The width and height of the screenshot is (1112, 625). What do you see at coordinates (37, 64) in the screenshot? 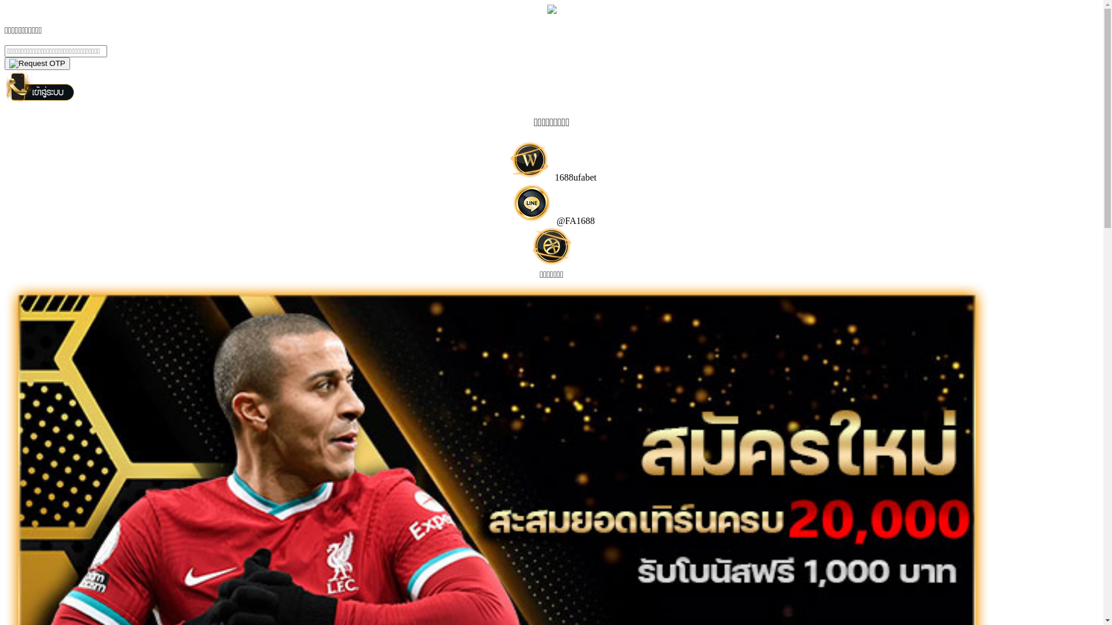
I see `'yes'` at bounding box center [37, 64].